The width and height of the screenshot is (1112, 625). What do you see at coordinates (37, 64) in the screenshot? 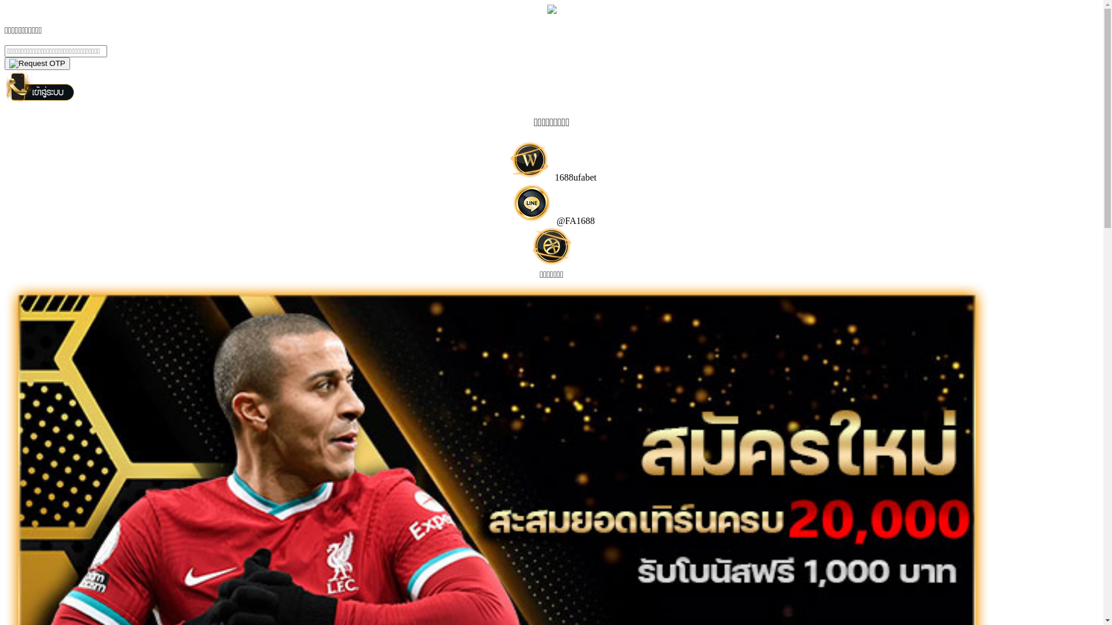
I see `'yes'` at bounding box center [37, 64].